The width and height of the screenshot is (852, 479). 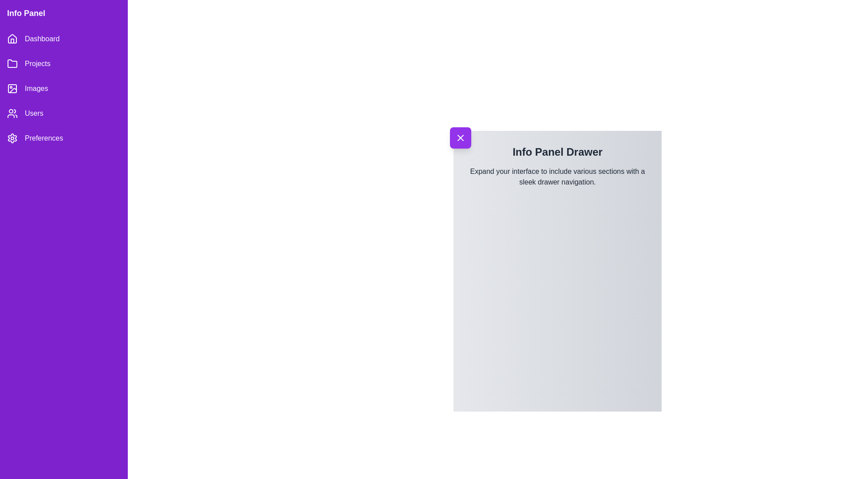 What do you see at coordinates (460, 138) in the screenshot?
I see `toggle button to open or close the drawer` at bounding box center [460, 138].